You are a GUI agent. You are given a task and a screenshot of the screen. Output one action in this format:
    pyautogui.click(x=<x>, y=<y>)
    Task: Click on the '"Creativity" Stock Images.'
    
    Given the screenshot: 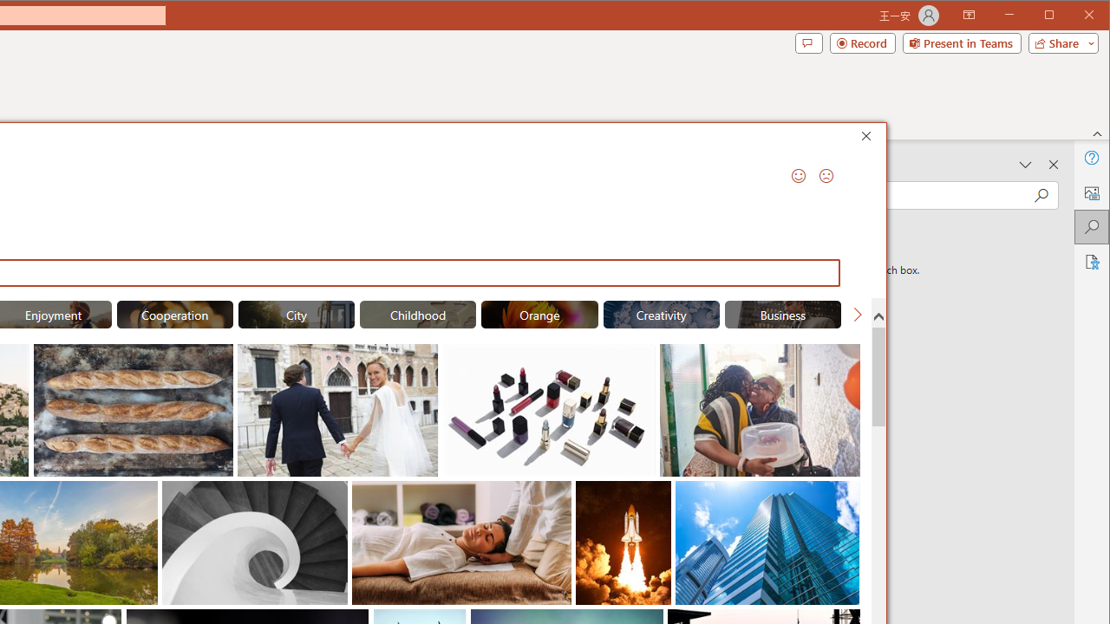 What is the action you would take?
    pyautogui.click(x=660, y=314)
    